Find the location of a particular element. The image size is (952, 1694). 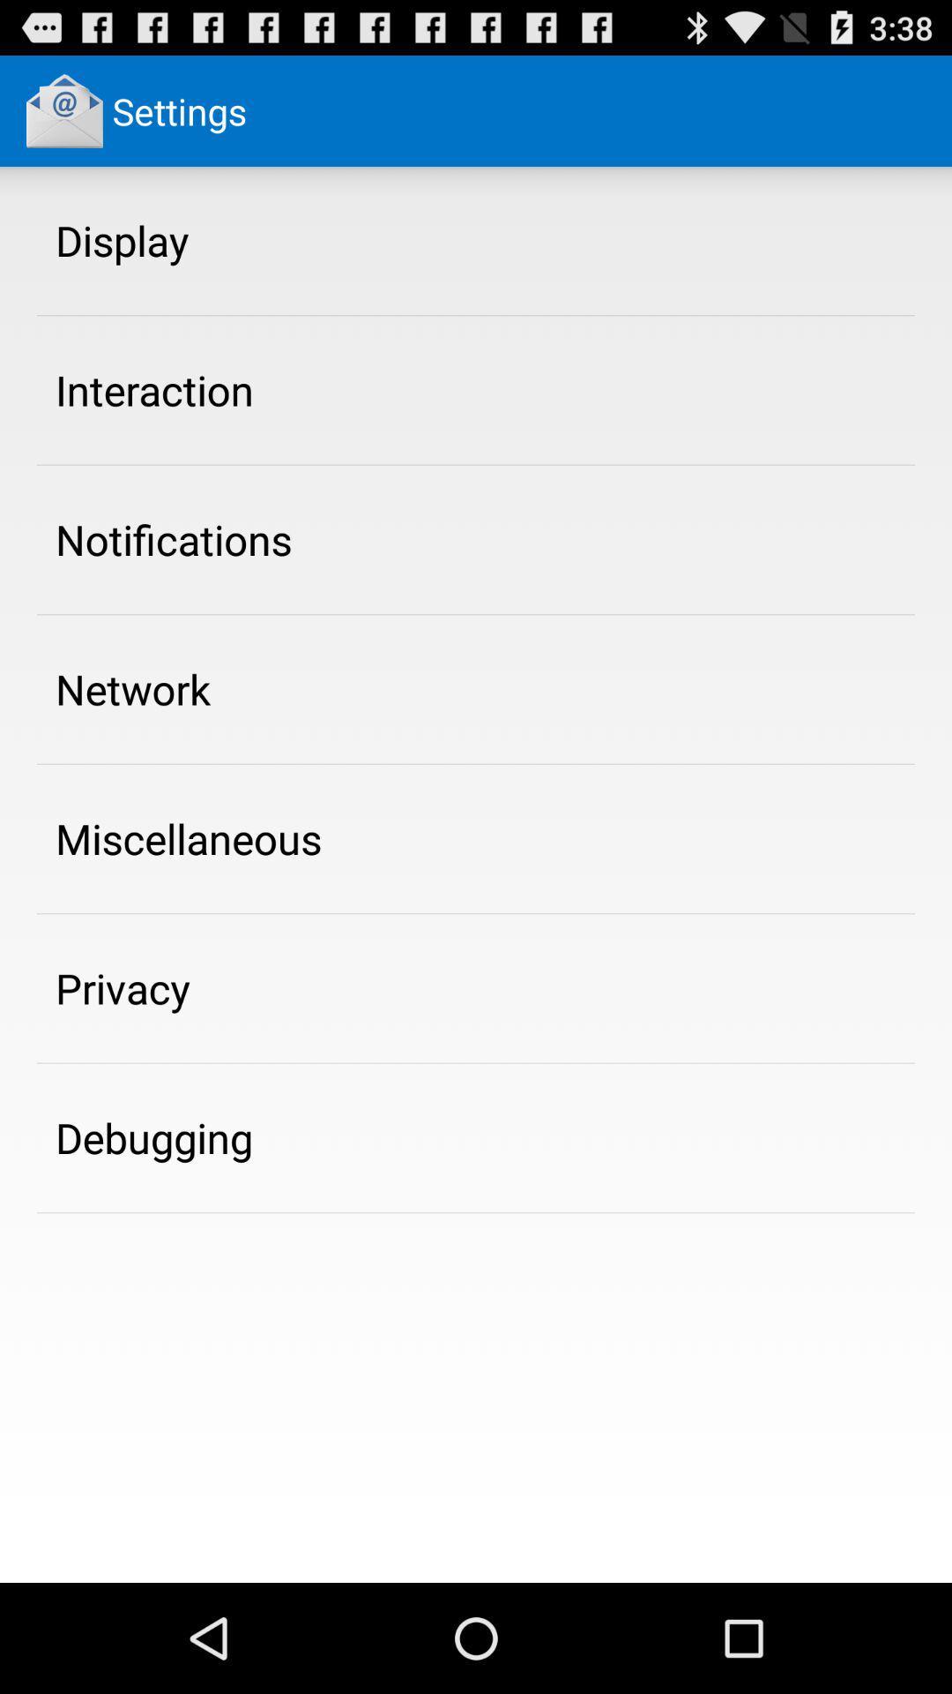

privacy app is located at coordinates (122, 988).